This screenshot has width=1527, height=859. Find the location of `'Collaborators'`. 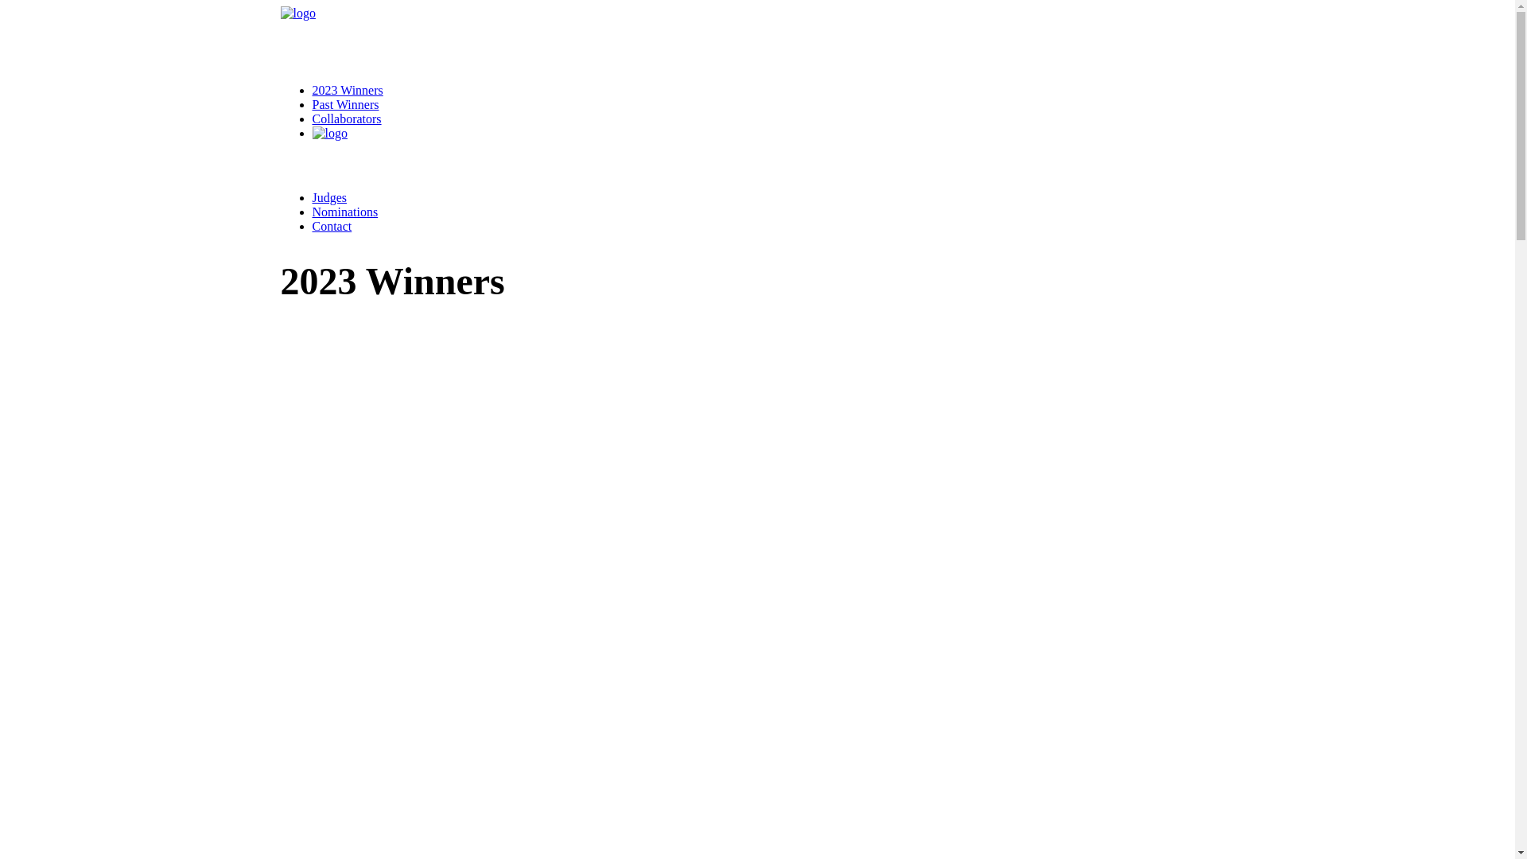

'Collaborators' is located at coordinates (345, 118).